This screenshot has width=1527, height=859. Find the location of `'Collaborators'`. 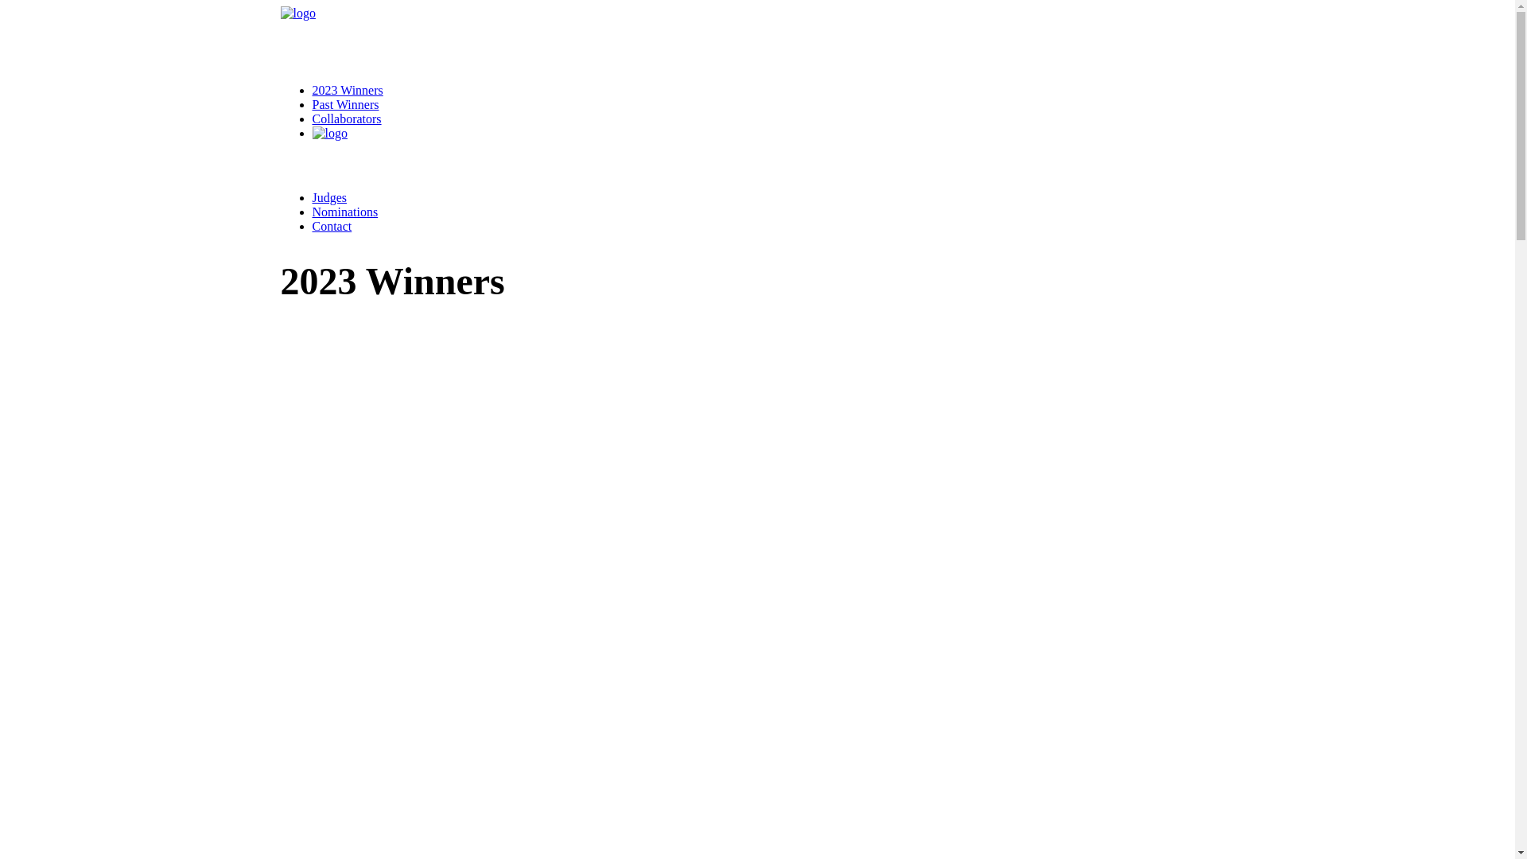

'Collaborators' is located at coordinates (345, 118).